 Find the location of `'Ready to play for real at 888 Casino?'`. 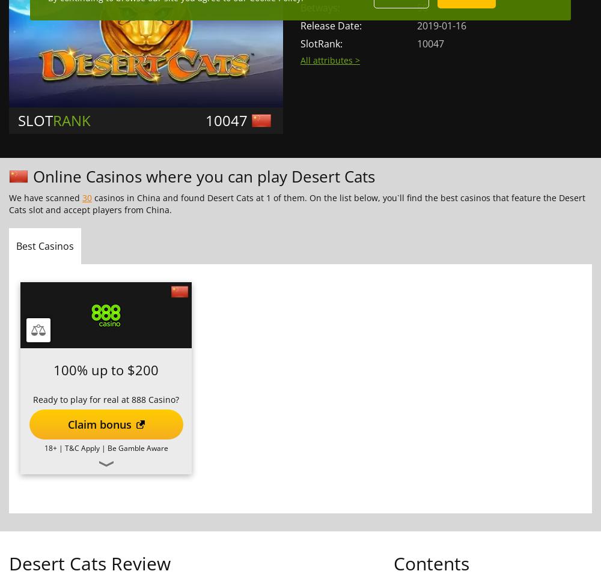

'Ready to play for real at 888 Casino?' is located at coordinates (106, 399).